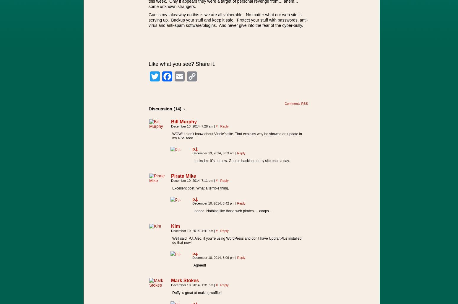 The height and width of the screenshot is (304, 458). Describe the element at coordinates (171, 180) in the screenshot. I see `'December 10, 2014, 7:11 pm'` at that location.